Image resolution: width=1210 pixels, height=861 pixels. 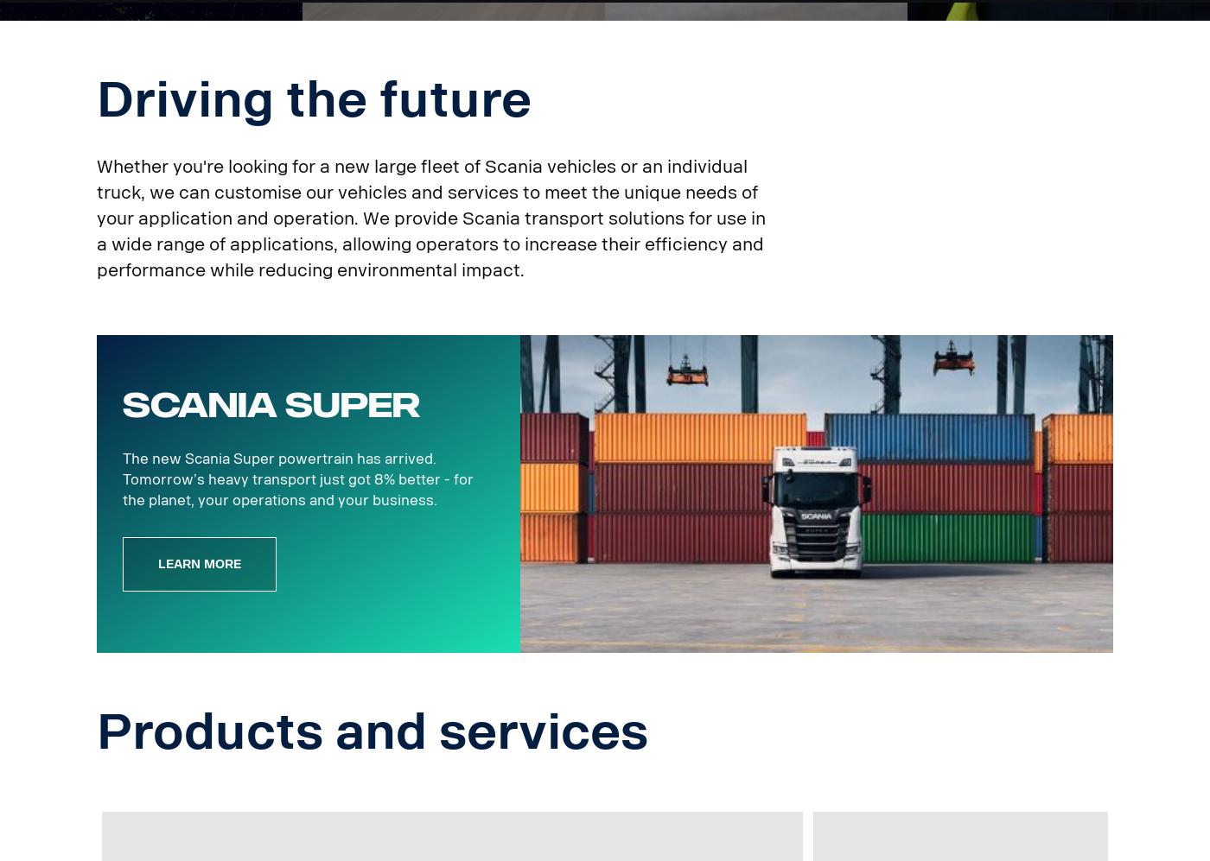 What do you see at coordinates (157, 564) in the screenshot?
I see `'Learn more'` at bounding box center [157, 564].